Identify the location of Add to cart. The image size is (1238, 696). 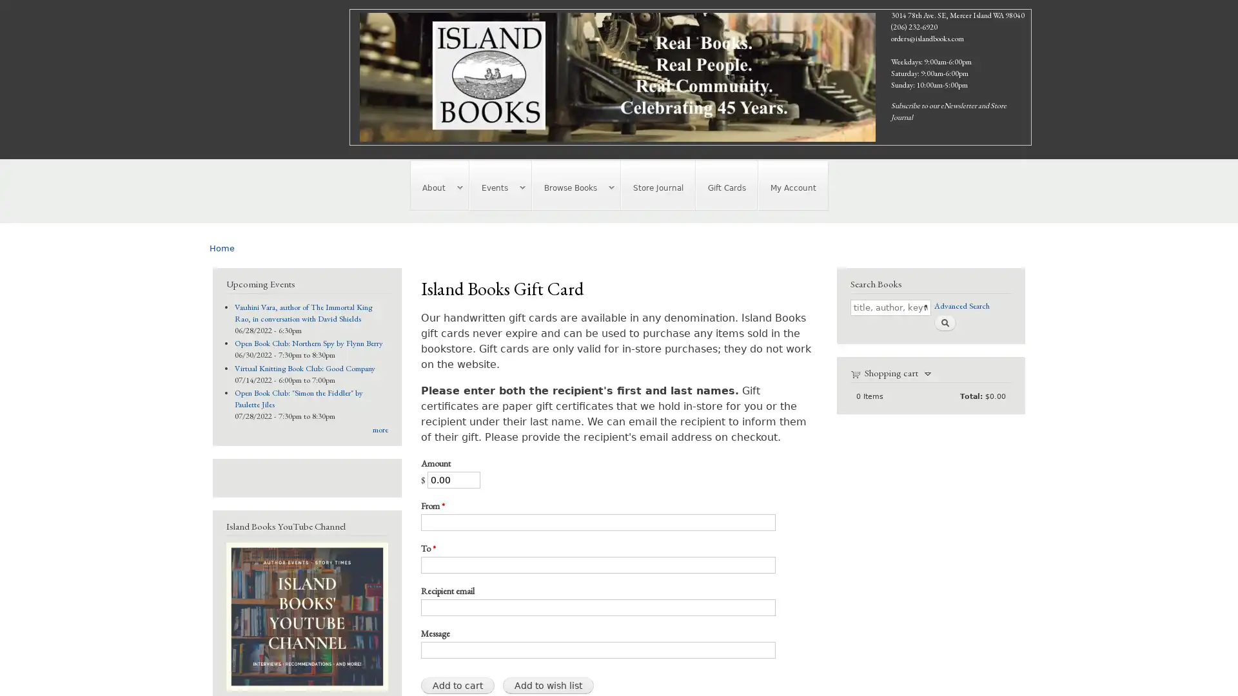
(457, 684).